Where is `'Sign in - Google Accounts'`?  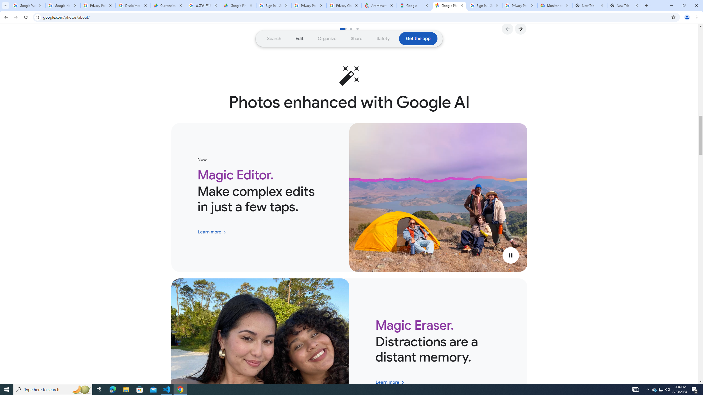 'Sign in - Google Accounts' is located at coordinates (274, 5).